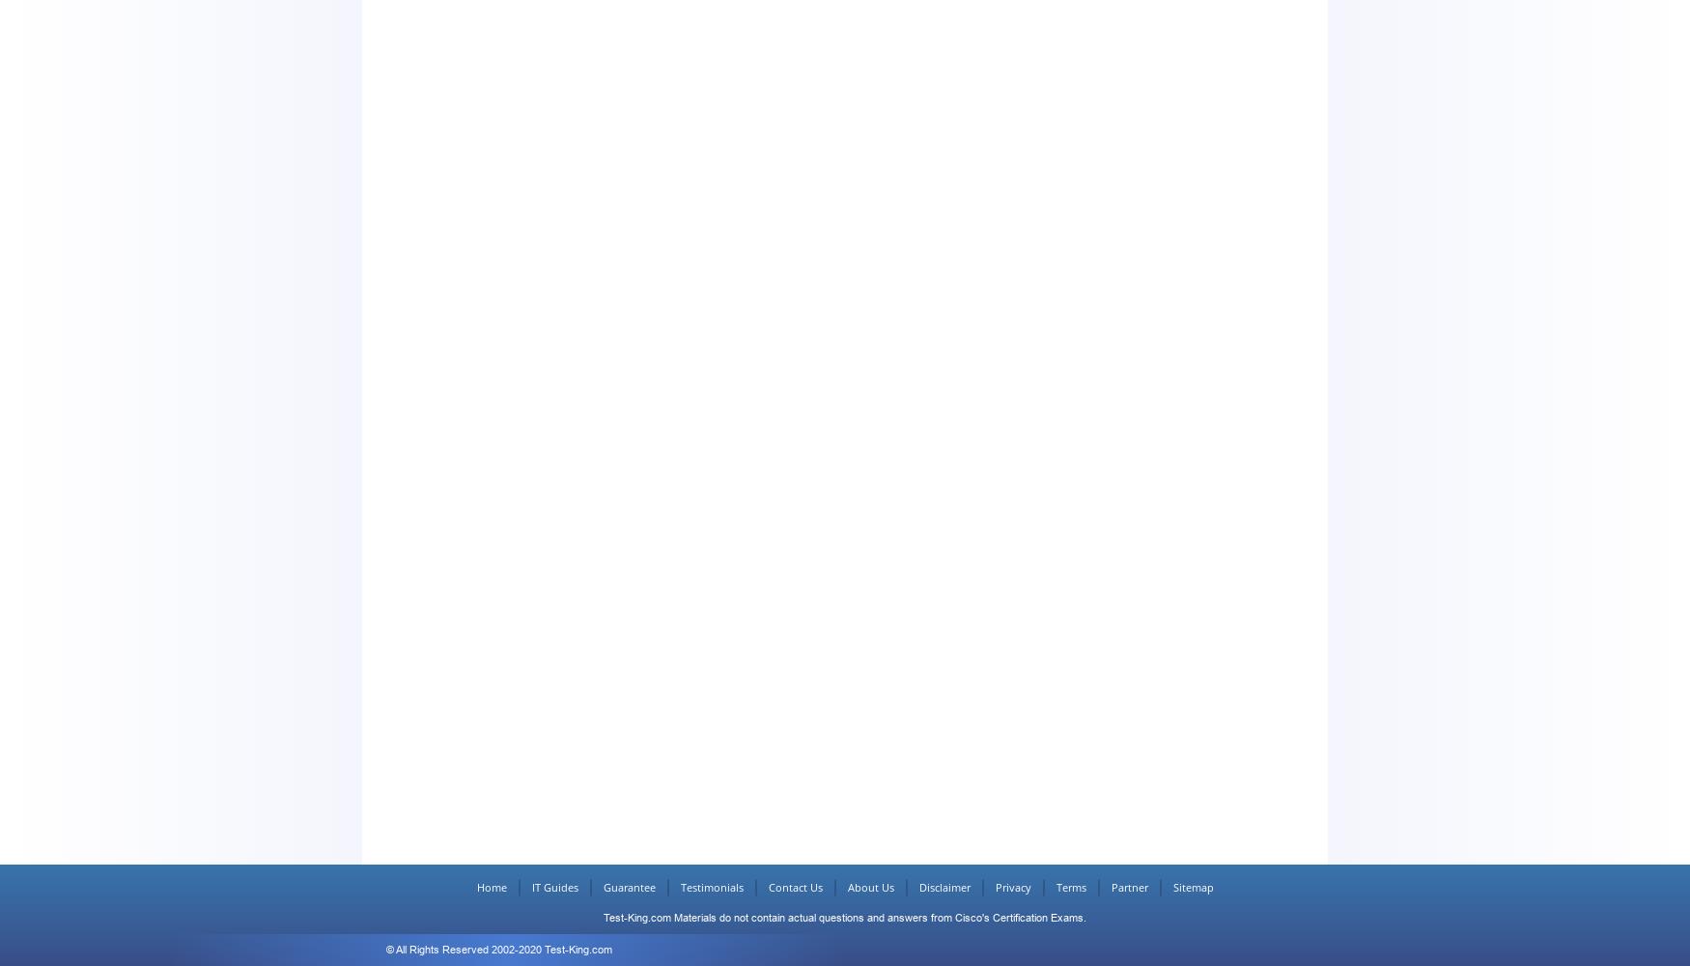 This screenshot has height=966, width=1690. Describe the element at coordinates (490, 887) in the screenshot. I see `'Home'` at that location.